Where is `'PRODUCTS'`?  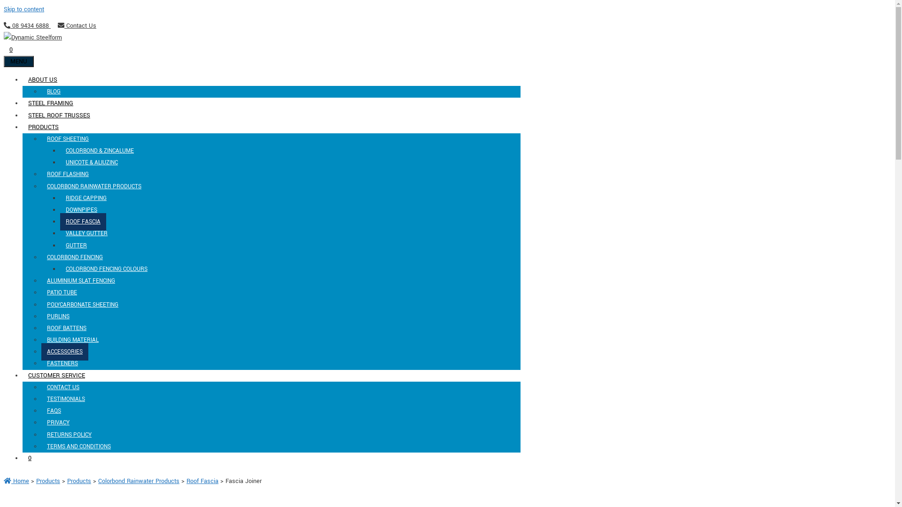
'PRODUCTS' is located at coordinates (46, 127).